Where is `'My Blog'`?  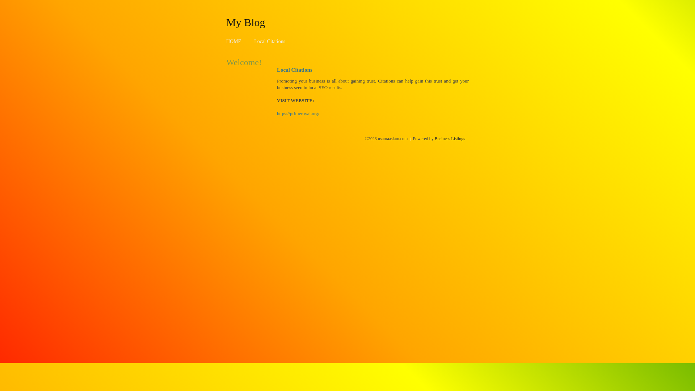
'My Blog' is located at coordinates (245, 22).